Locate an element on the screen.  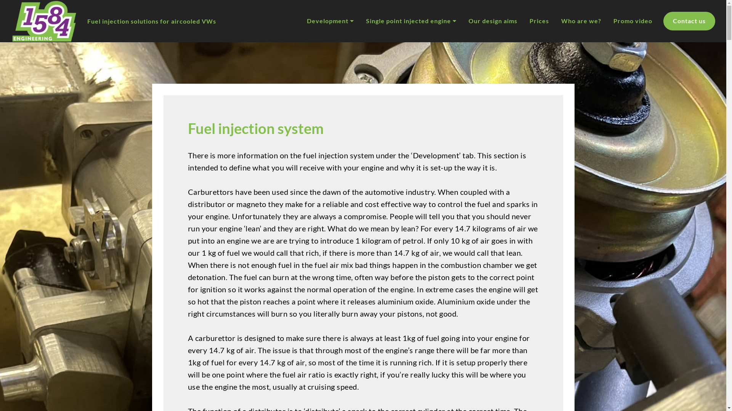
'Fuel injection solutions for aircooled VWs' is located at coordinates (152, 21).